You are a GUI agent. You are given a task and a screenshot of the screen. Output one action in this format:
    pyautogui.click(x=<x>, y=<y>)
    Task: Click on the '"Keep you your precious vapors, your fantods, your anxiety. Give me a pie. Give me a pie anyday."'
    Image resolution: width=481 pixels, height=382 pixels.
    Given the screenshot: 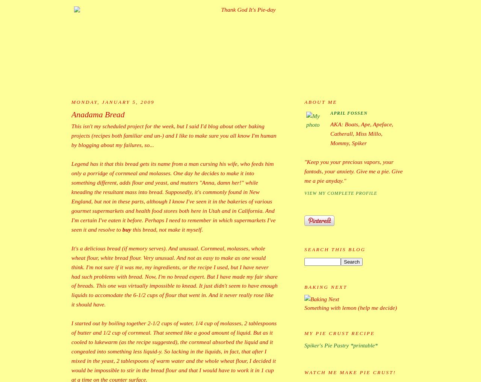 What is the action you would take?
    pyautogui.click(x=353, y=171)
    